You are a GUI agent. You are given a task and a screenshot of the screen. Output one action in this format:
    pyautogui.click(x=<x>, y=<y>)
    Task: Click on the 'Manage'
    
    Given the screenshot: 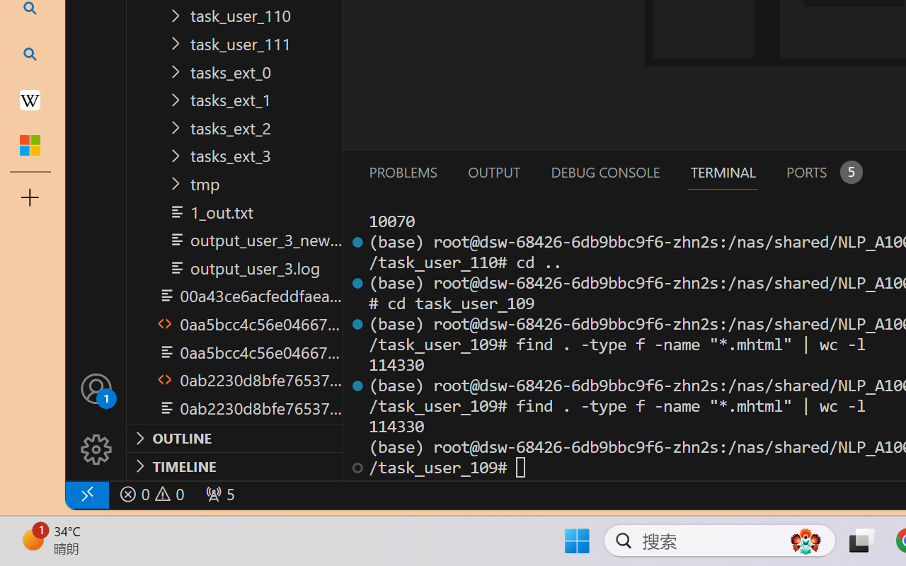 What is the action you would take?
    pyautogui.click(x=95, y=449)
    